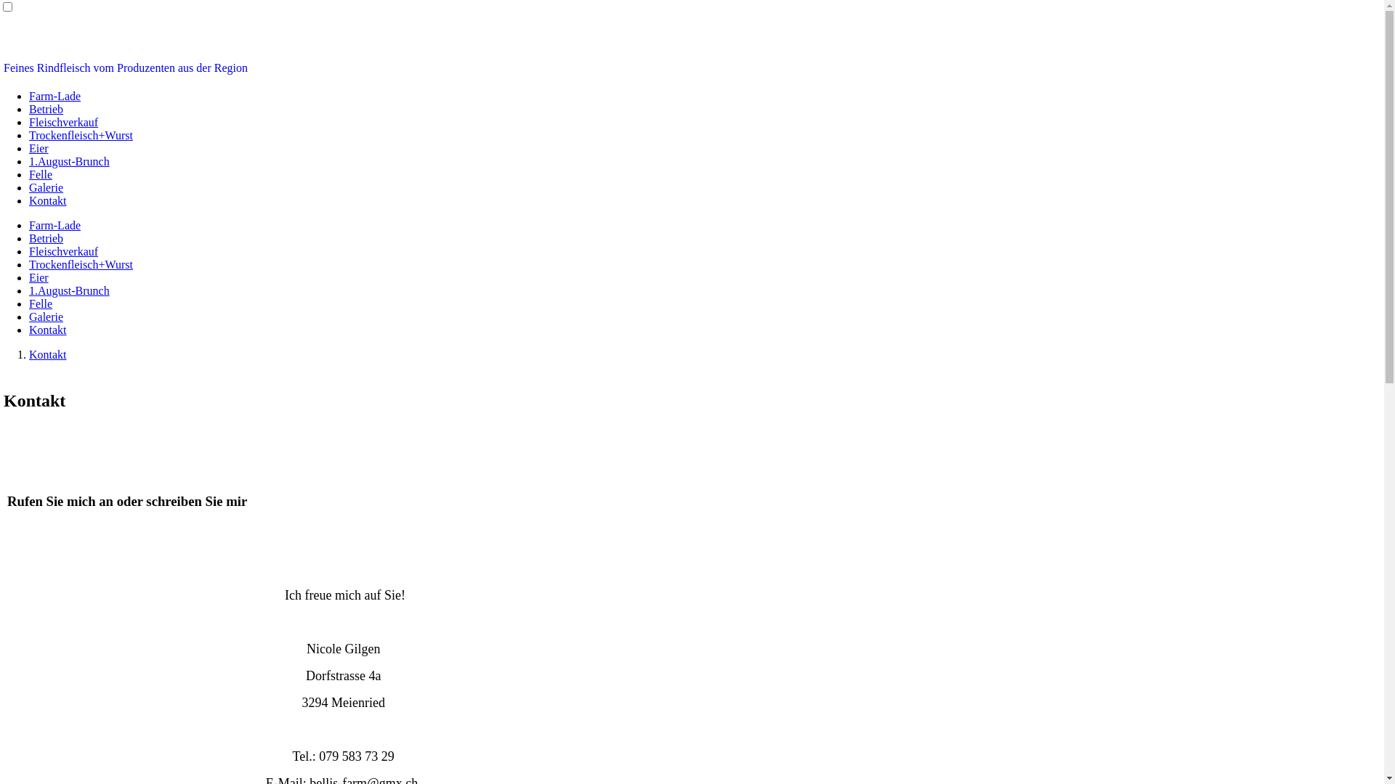 The width and height of the screenshot is (1395, 784). What do you see at coordinates (46, 108) in the screenshot?
I see `'Betrieb'` at bounding box center [46, 108].